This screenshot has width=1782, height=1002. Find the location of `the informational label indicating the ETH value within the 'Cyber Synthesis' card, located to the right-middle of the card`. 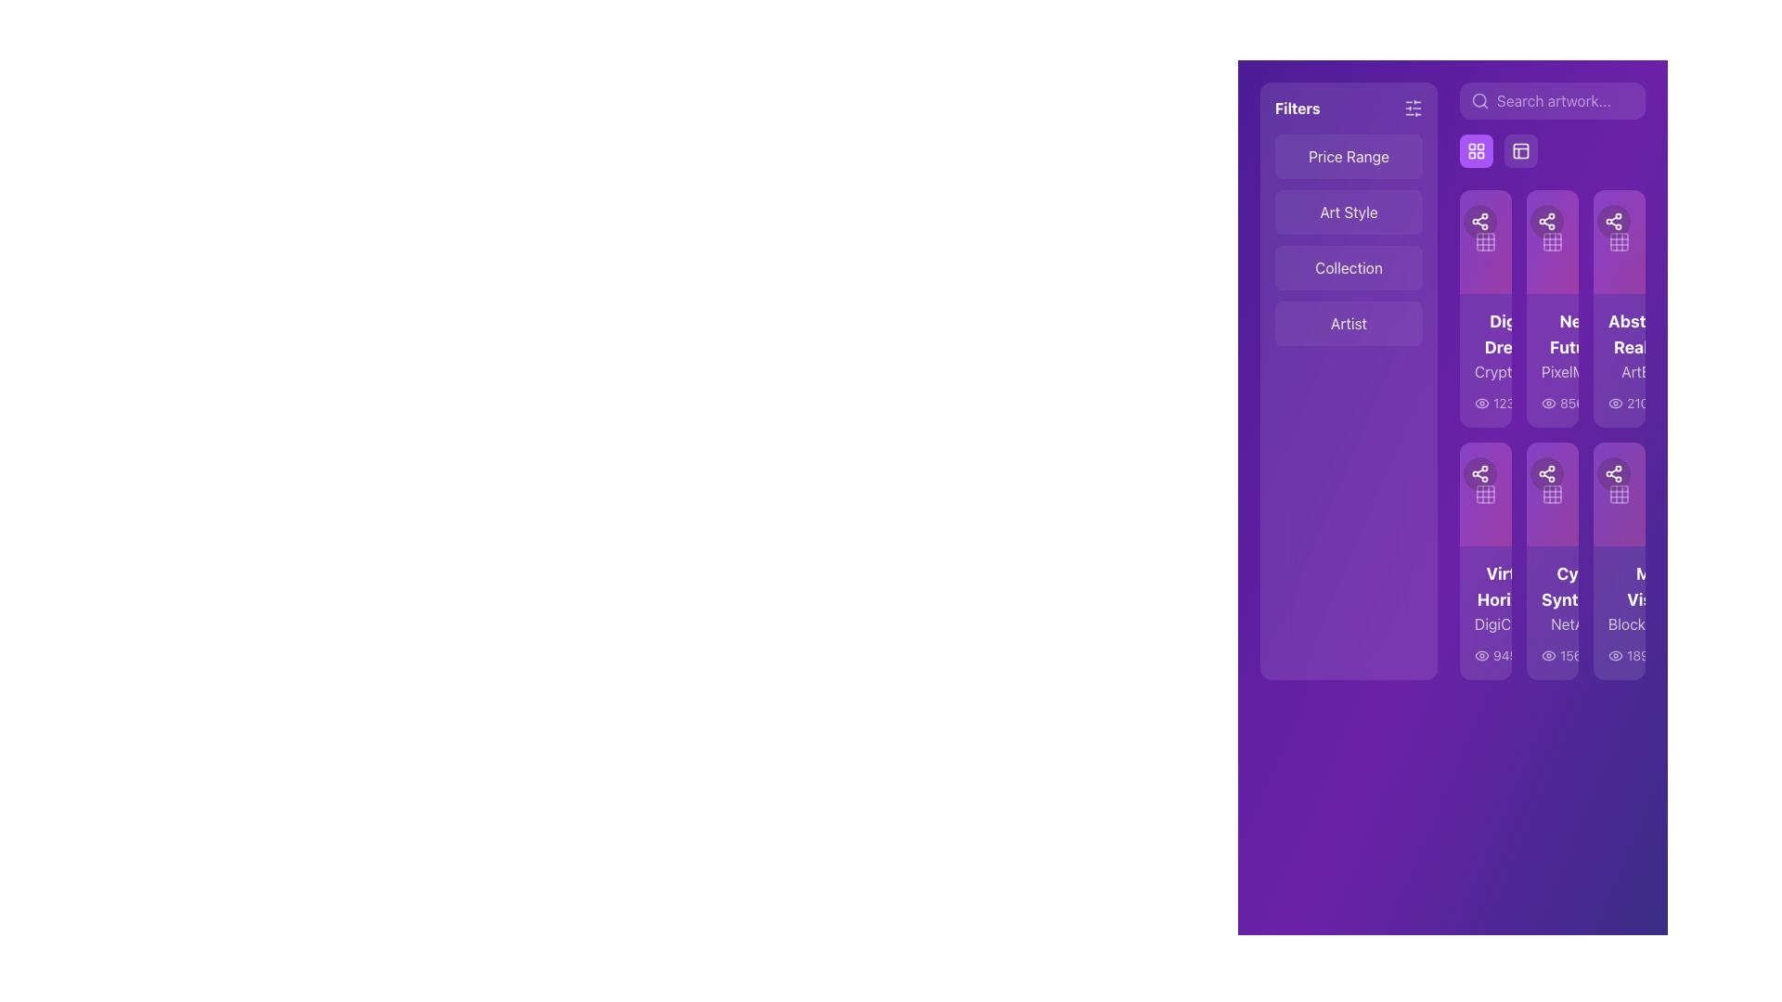

the informational label indicating the ETH value within the 'Cyber Synthesis' card, located to the right-middle of the card is located at coordinates (1655, 586).